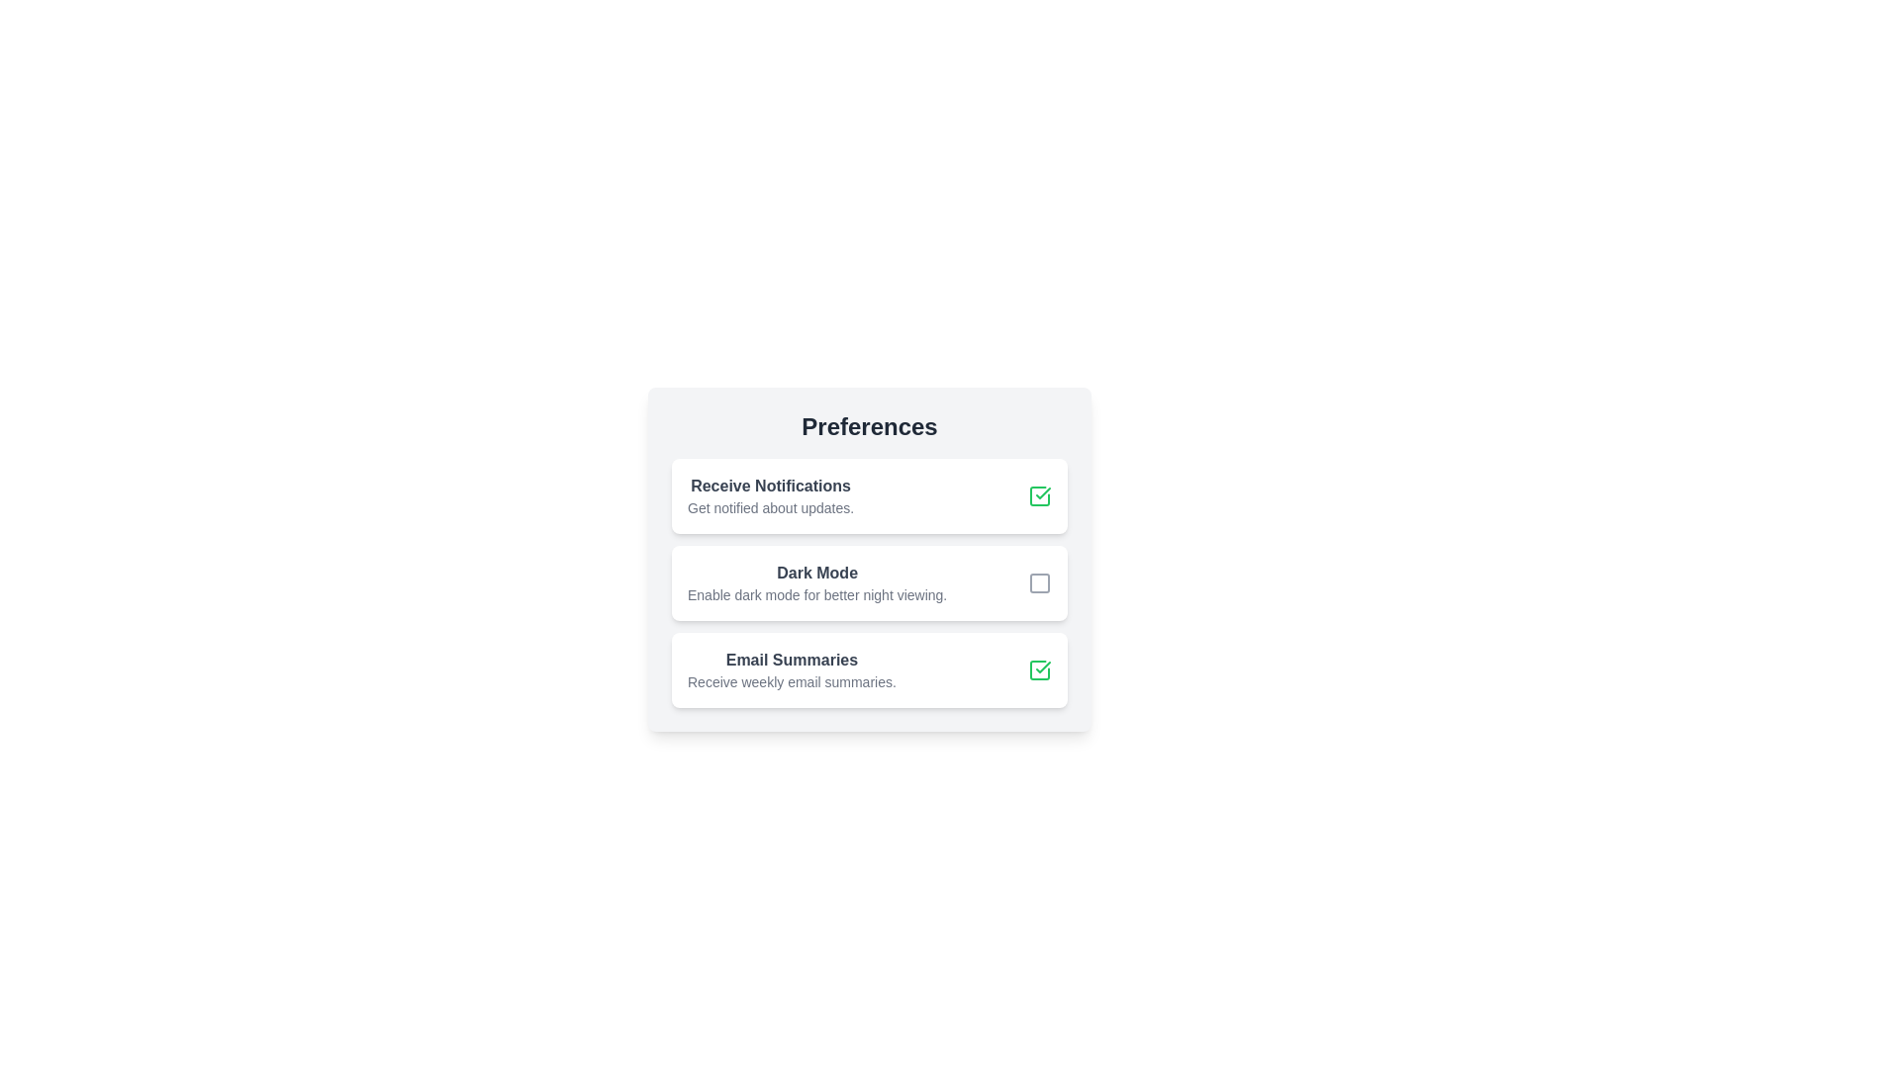 The height and width of the screenshot is (1068, 1900). What do you see at coordinates (792, 669) in the screenshot?
I see `text content of the 'Email Summaries' preference, which is the third item in the list located below the 'Dark Mode' option` at bounding box center [792, 669].